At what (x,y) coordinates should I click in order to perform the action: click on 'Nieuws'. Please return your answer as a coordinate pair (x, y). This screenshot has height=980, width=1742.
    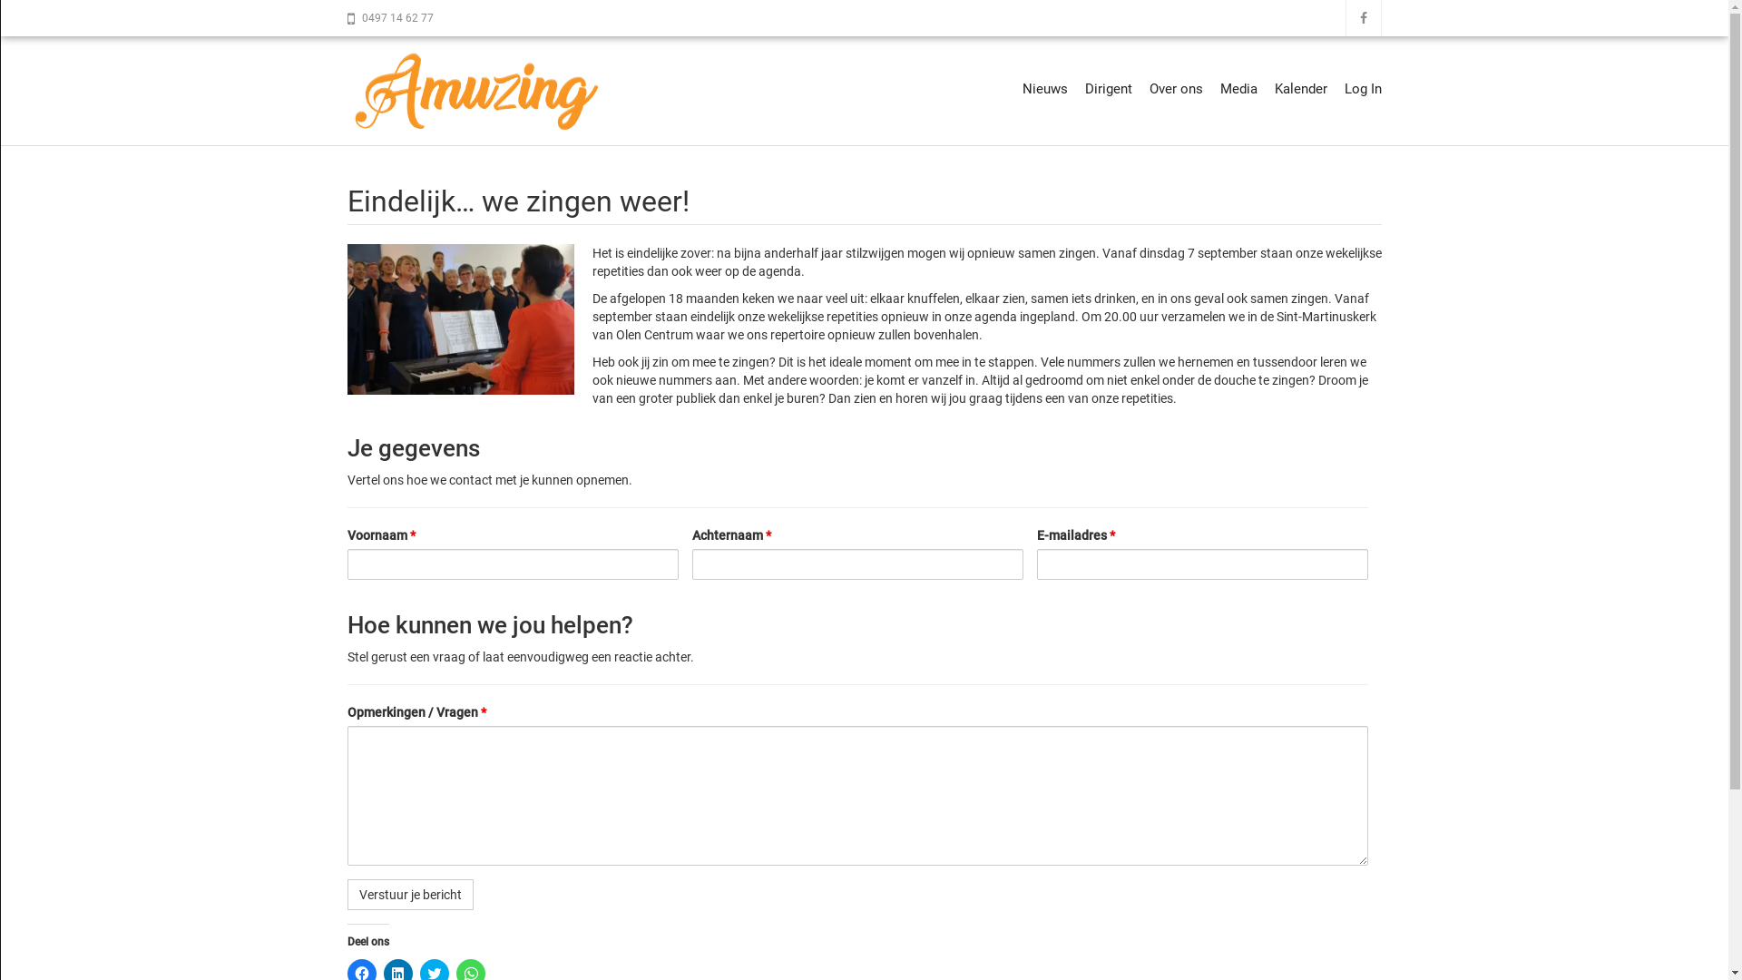
    Looking at the image, I should click on (1044, 89).